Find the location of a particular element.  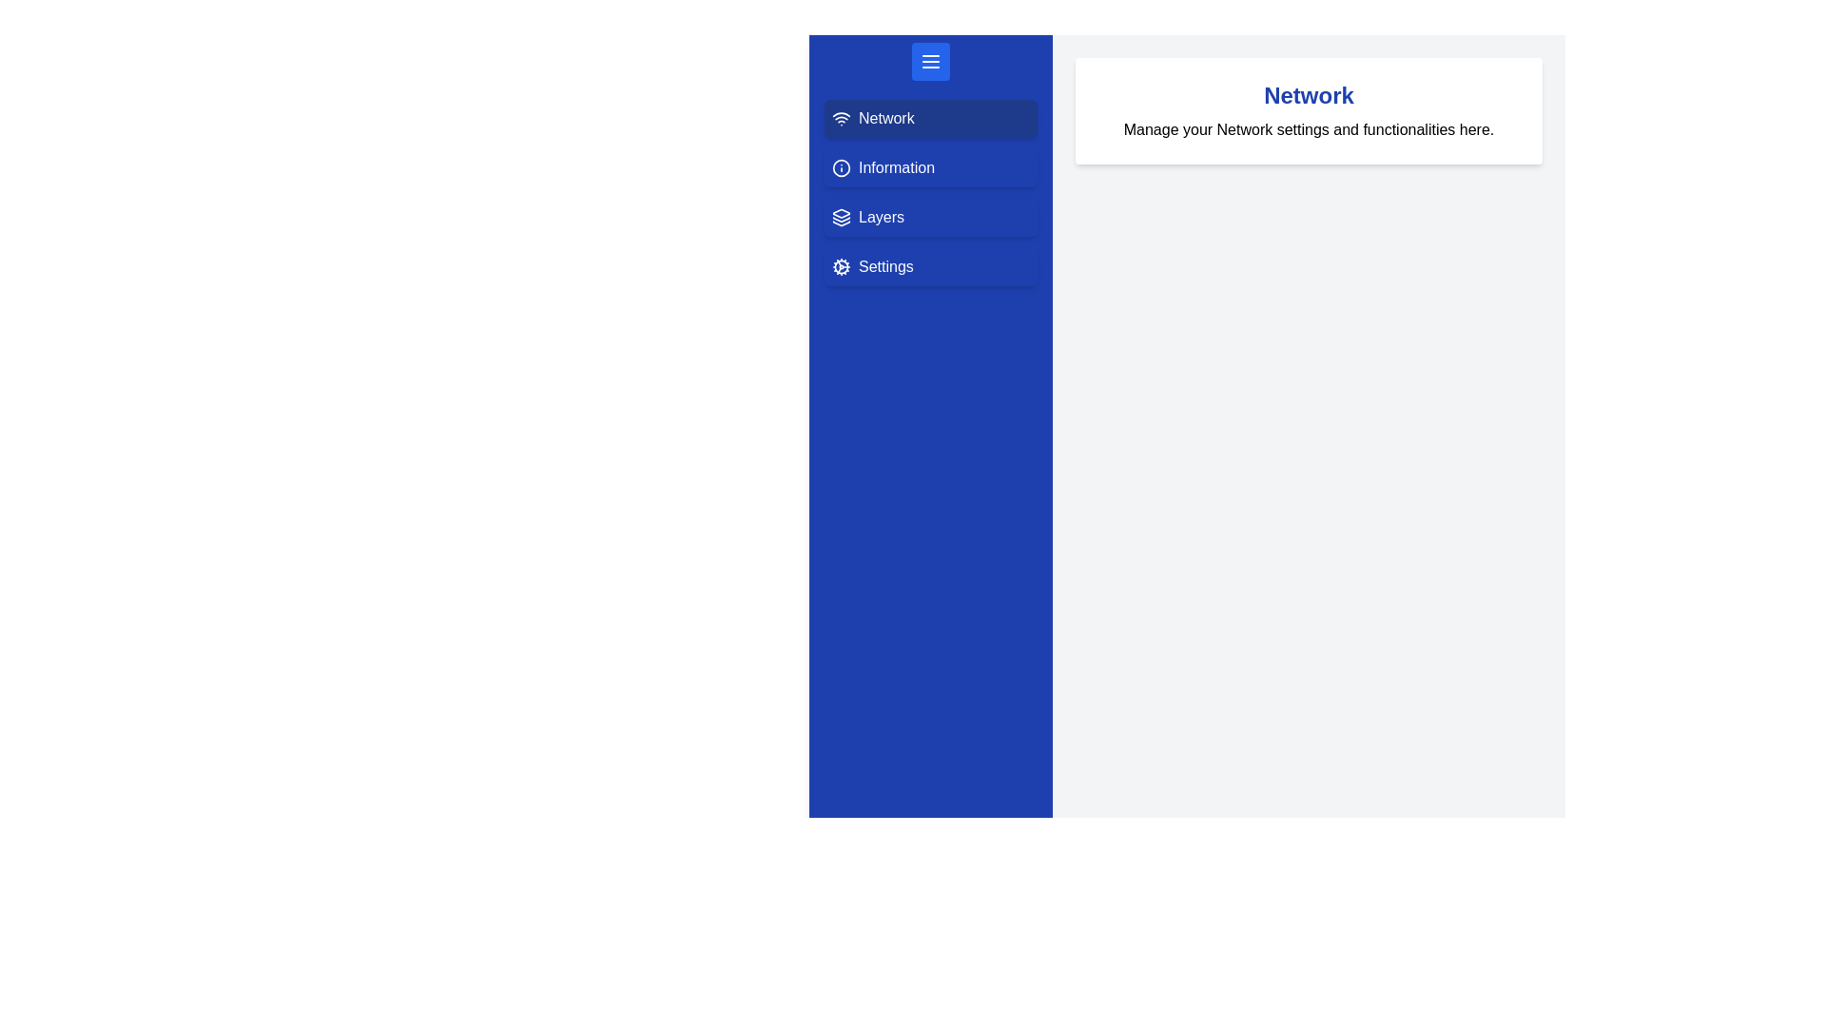

the menu option Network from the drawer is located at coordinates (931, 118).